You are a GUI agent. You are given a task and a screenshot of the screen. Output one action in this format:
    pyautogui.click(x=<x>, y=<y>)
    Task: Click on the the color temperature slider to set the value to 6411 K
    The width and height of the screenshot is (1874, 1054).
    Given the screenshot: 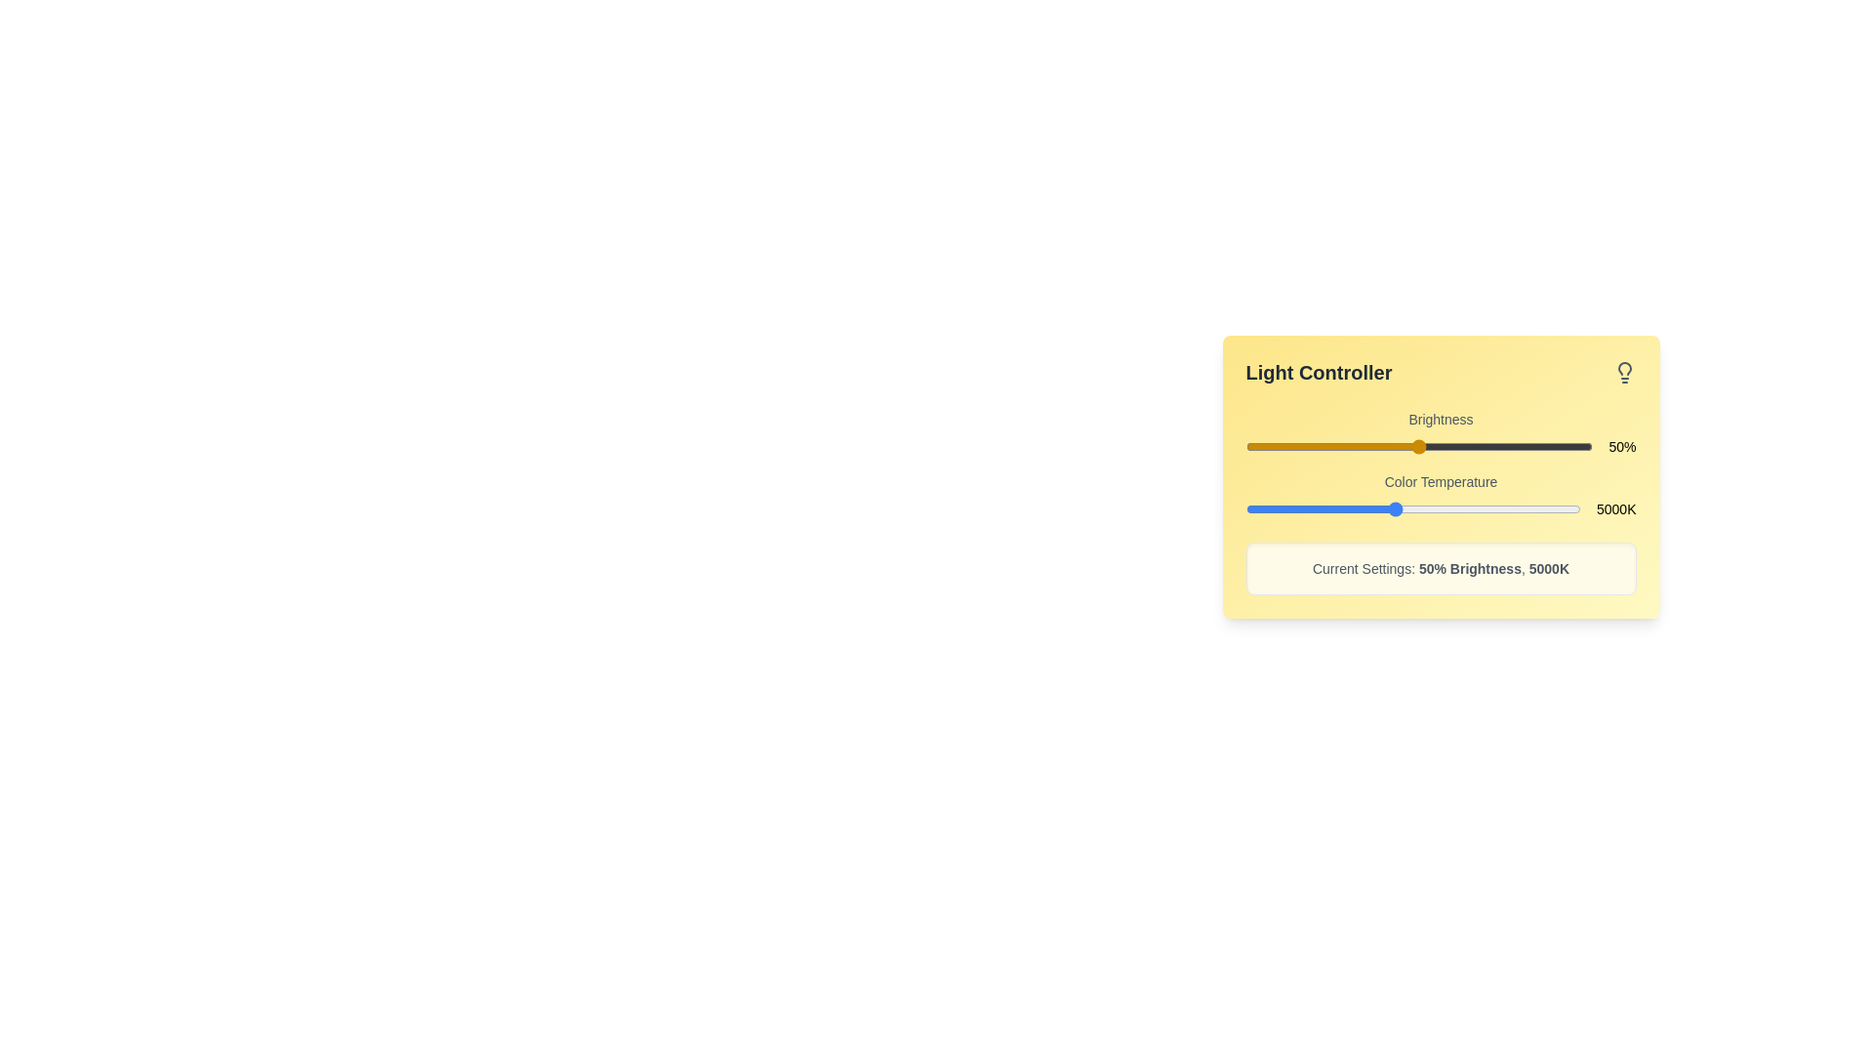 What is the action you would take?
    pyautogui.click(x=1447, y=507)
    